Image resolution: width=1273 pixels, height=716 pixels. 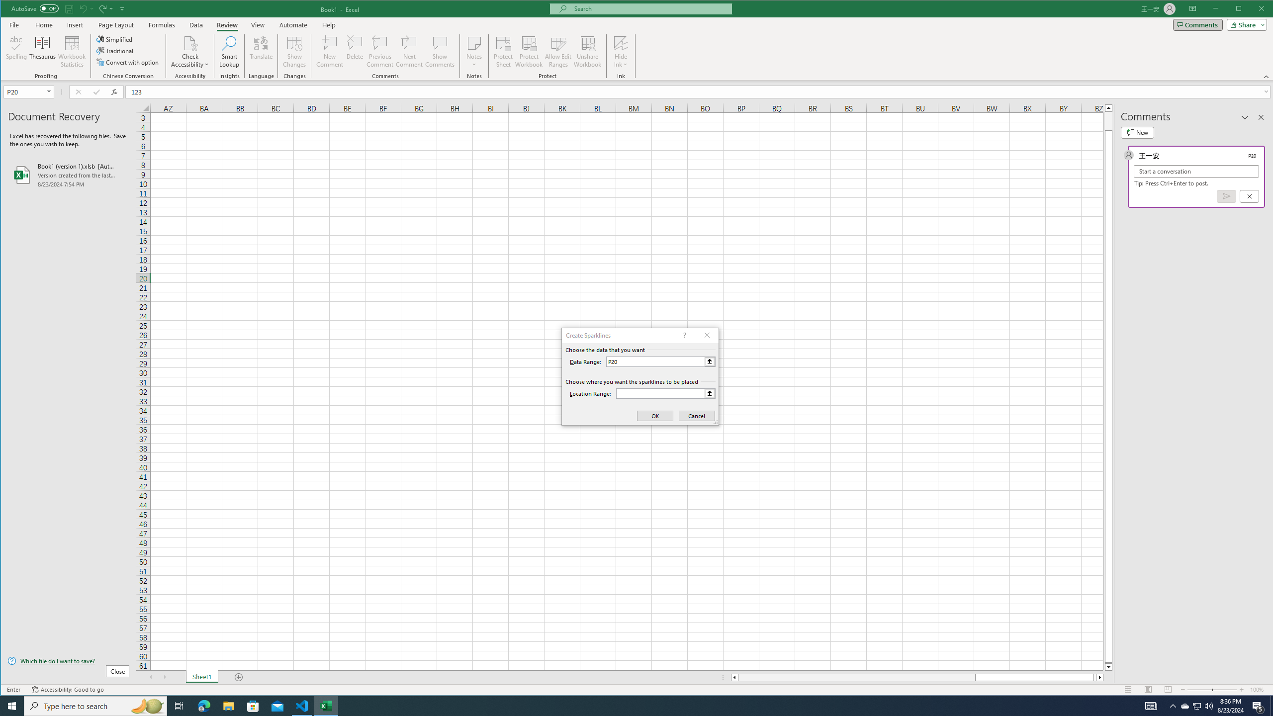 What do you see at coordinates (69, 175) in the screenshot?
I see `'Book1 (version 1).xlsb  [AutoRecovered]'` at bounding box center [69, 175].